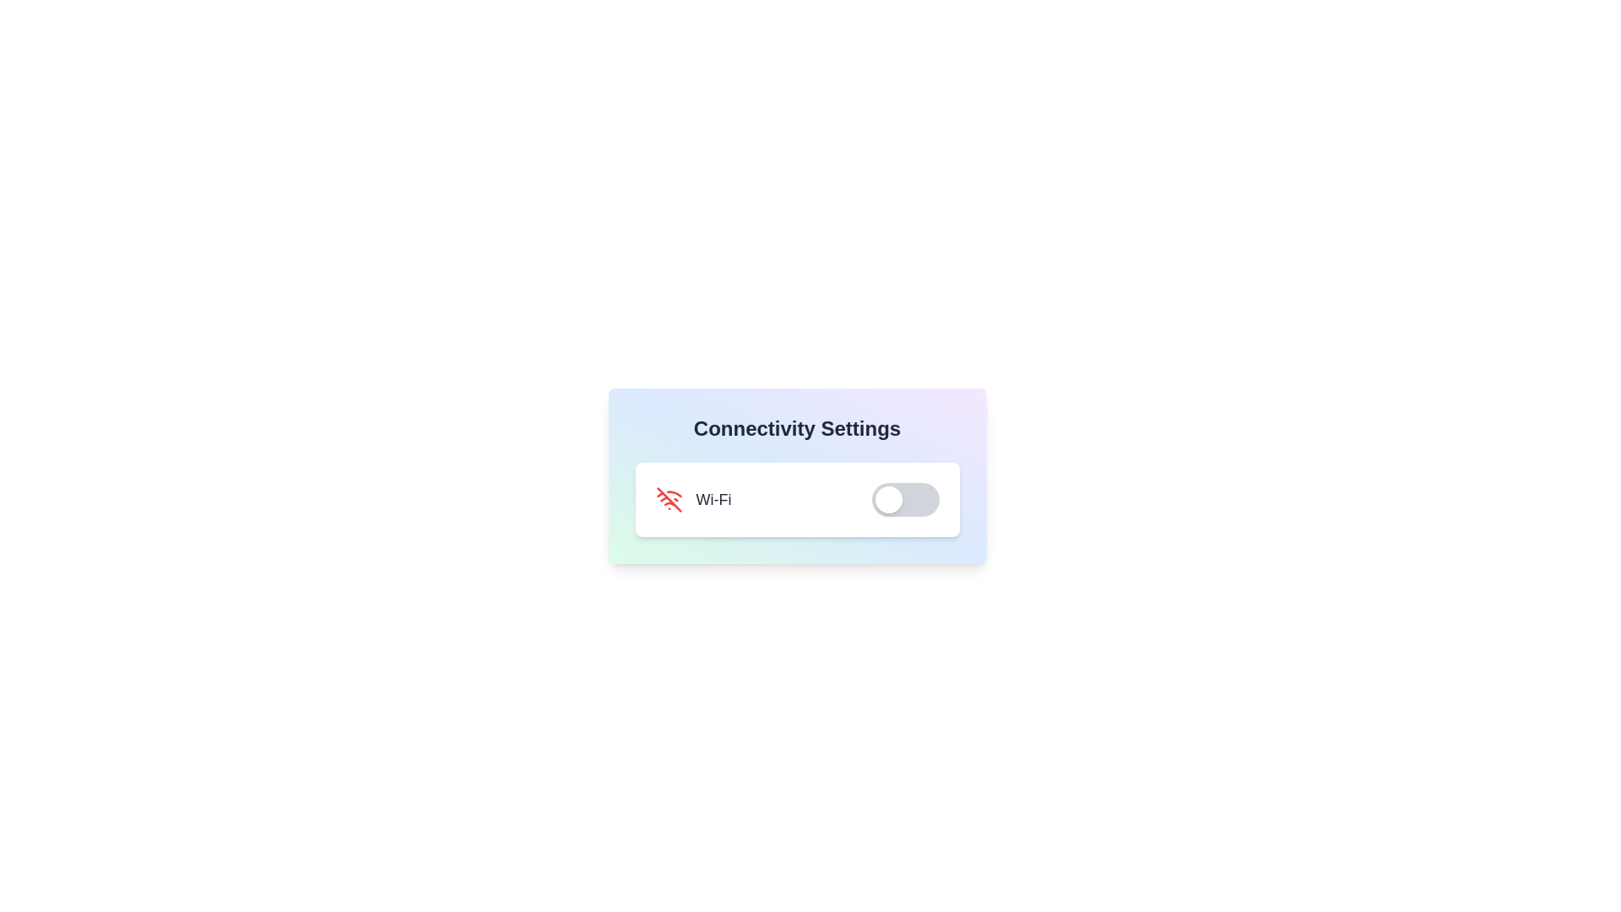 The height and width of the screenshot is (912, 1621). Describe the element at coordinates (693, 498) in the screenshot. I see `the Wi-Fi status label indicating that Wi-Fi is currently off, which is located in the white rounded rectangular card under 'Connectivity Settings'` at that location.